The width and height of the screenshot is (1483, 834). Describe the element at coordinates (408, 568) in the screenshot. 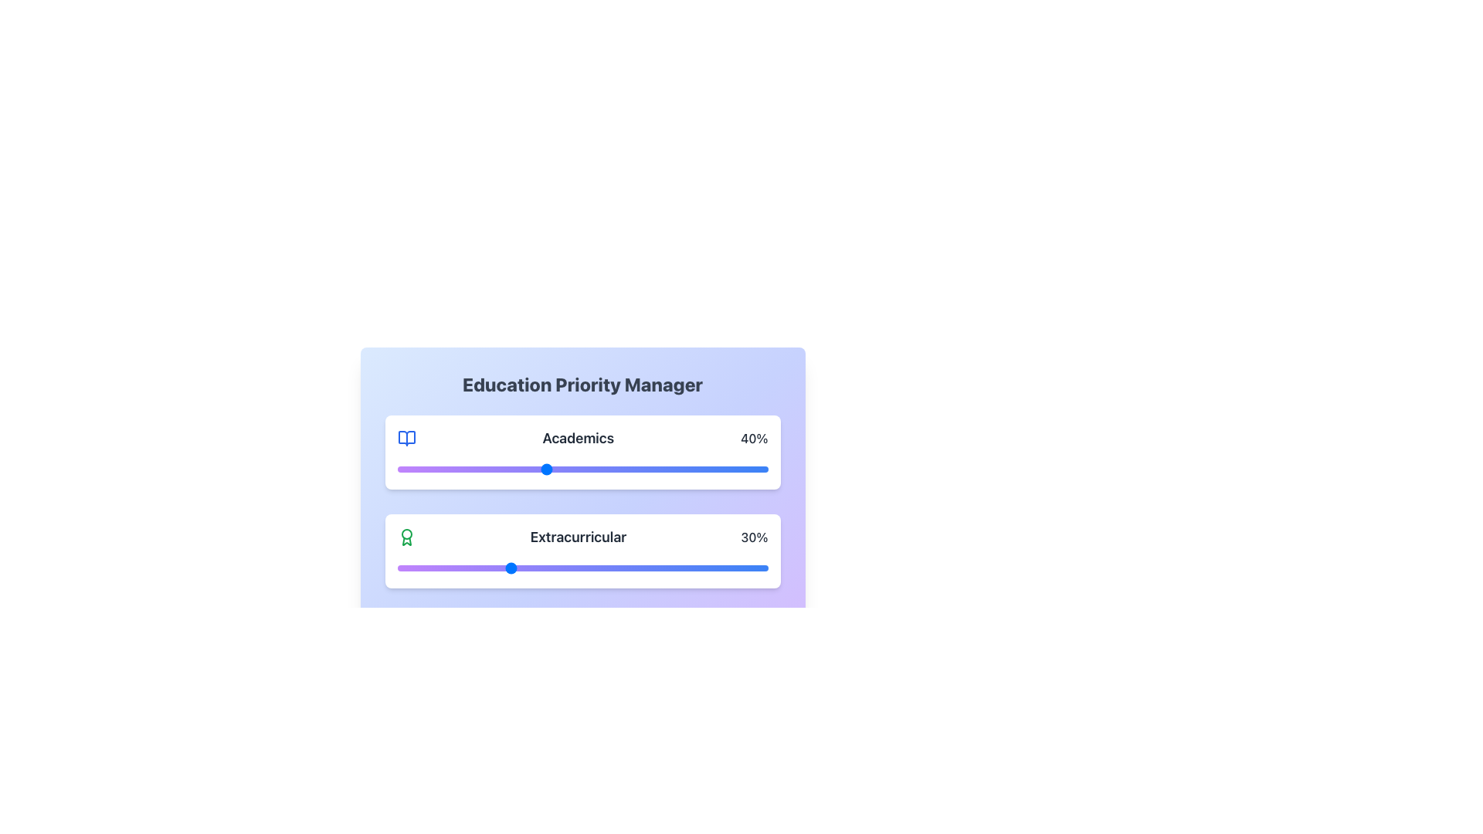

I see `'Extracurricular' value` at that location.